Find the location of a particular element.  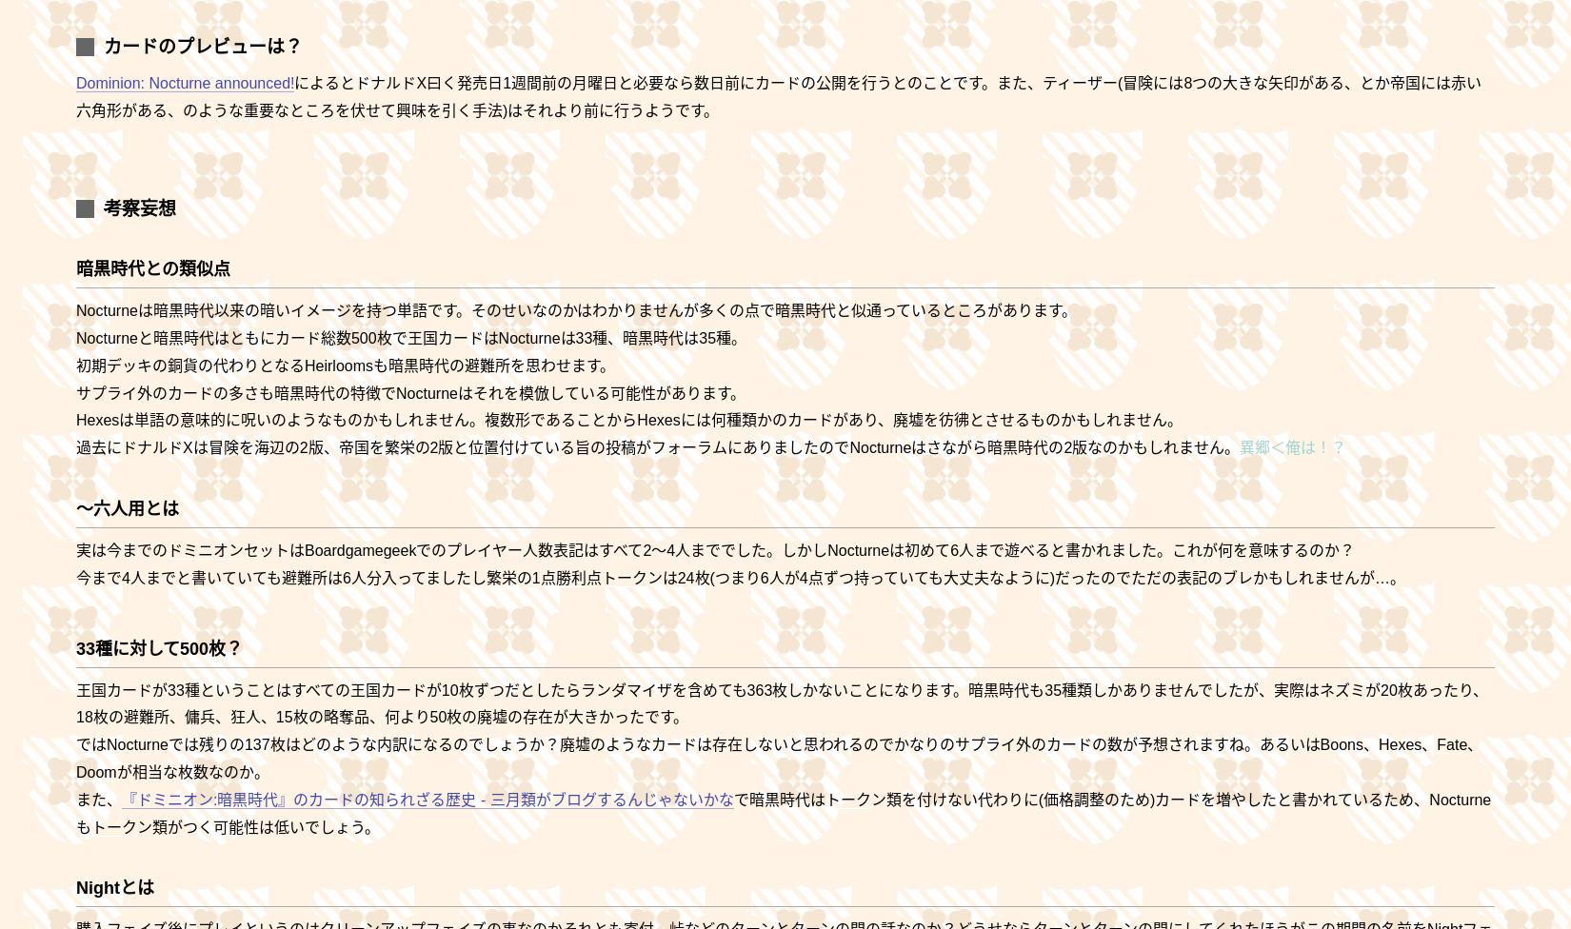

'王国カードが33種ということはすべての王国カードが10枚ずつだとしたらランダマイザを含めても363枚しかないことになります。暗黒時代も35種類しかありませんでしたが、実際はネズミが20枚あったり、18枚の避難所、傭兵、狂人、15枚の略奪品、何より50枚の廃墟の存在が大きかったです。' is located at coordinates (781, 703).